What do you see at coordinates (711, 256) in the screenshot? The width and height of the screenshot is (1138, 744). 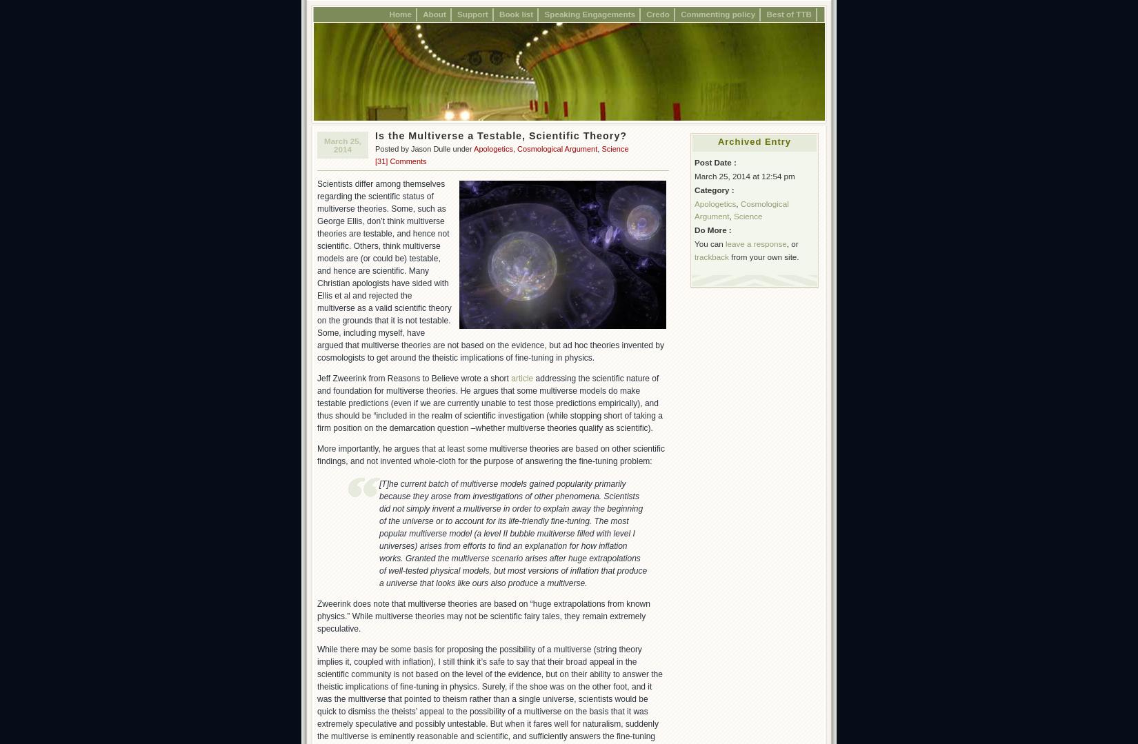 I see `'trackback'` at bounding box center [711, 256].